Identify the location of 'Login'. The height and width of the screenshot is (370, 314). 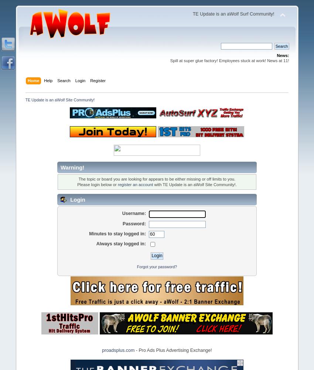
(76, 199).